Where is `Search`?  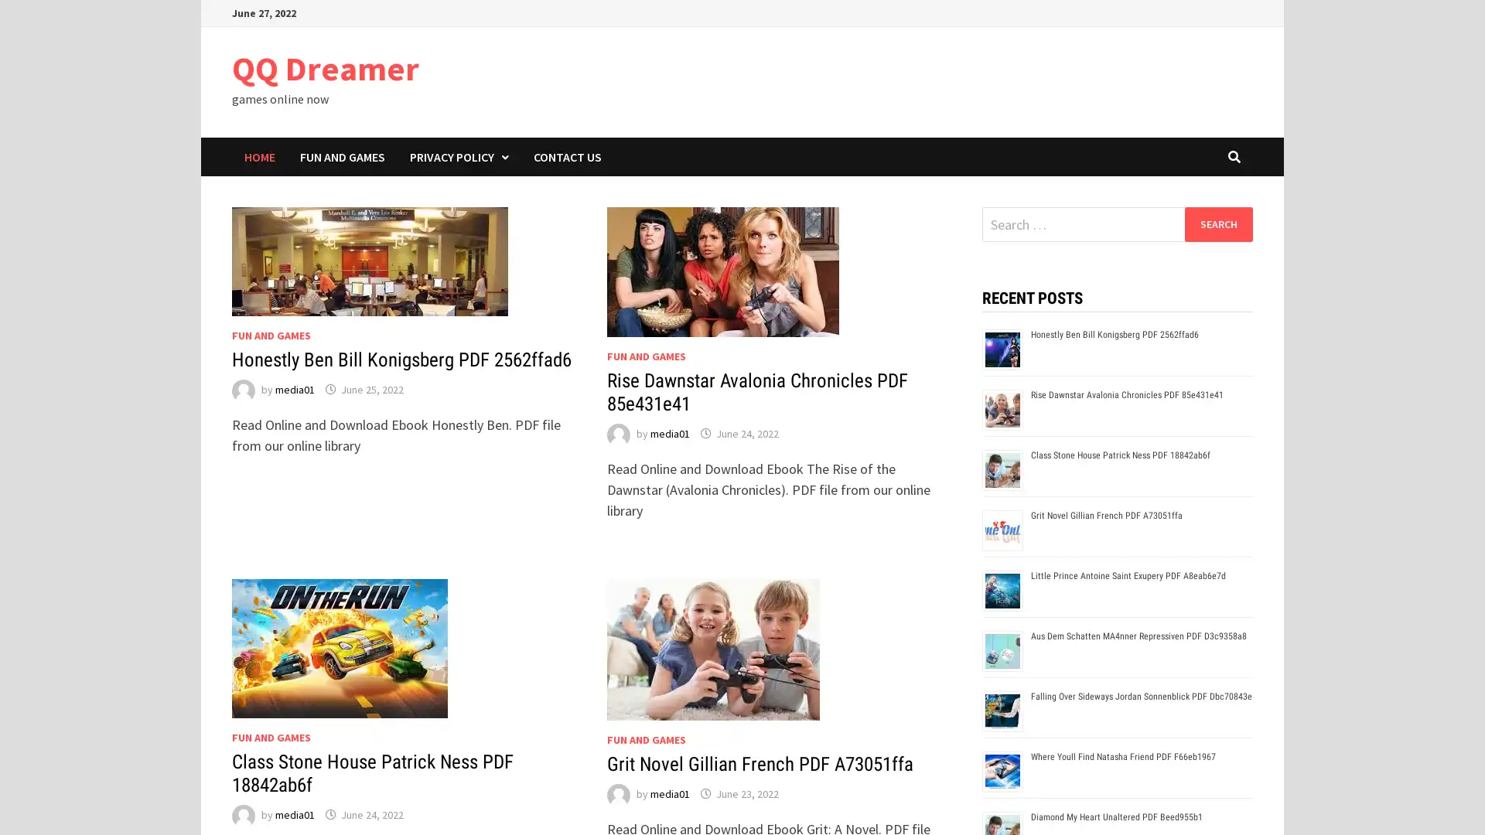
Search is located at coordinates (1217, 223).